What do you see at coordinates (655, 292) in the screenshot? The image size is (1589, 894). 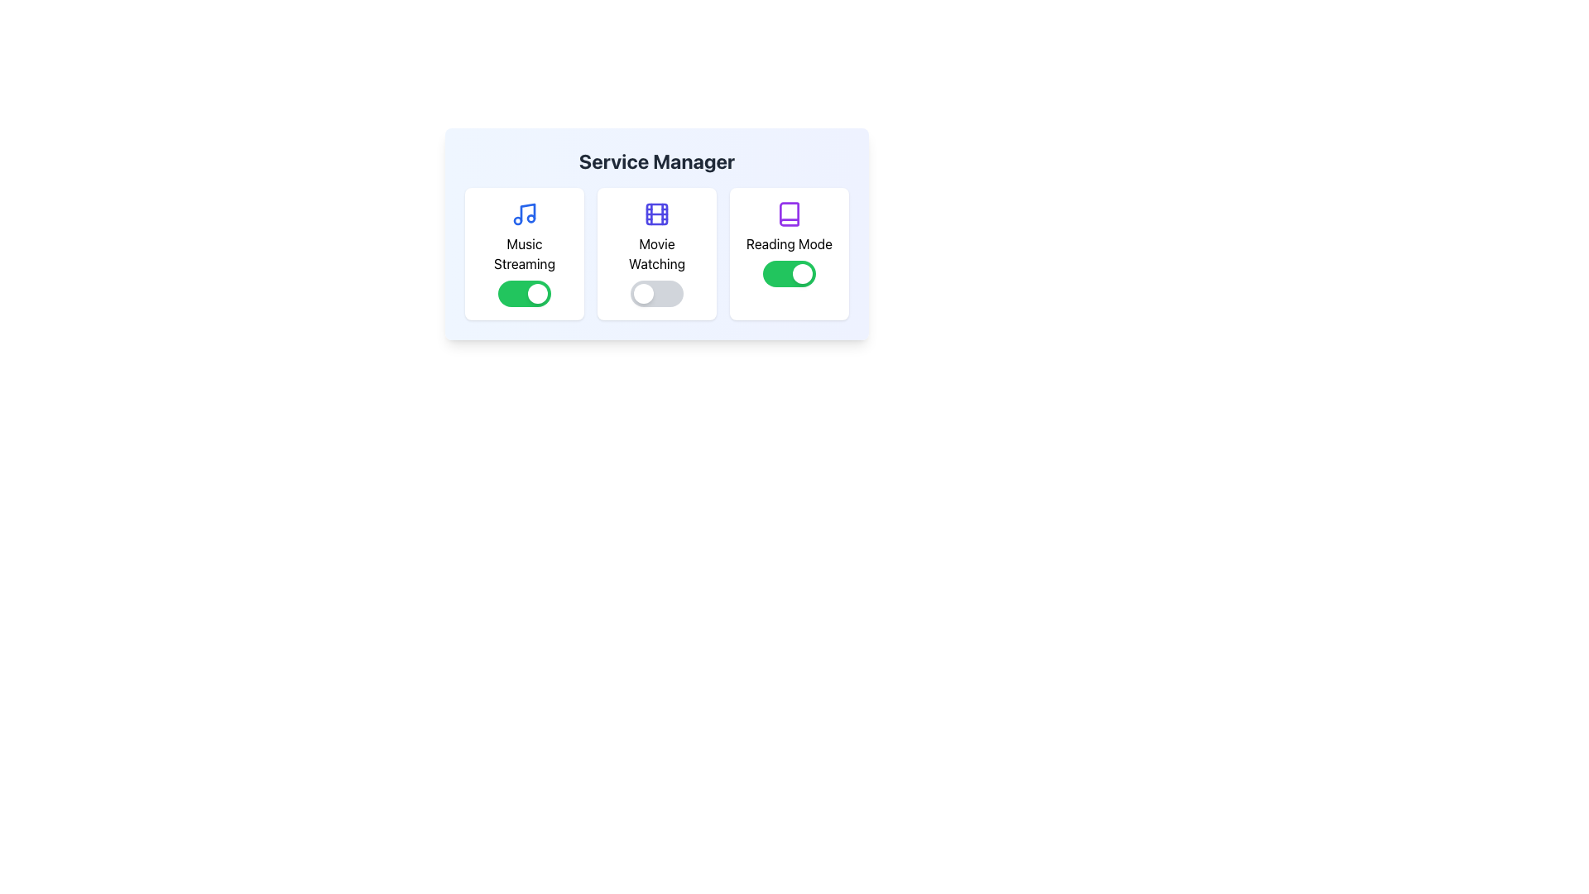 I see `the toggle switch used to enable or disable the 'Movie Watching' service, located under the 'Movie Watching' title in the 'Service Manager' section` at bounding box center [655, 292].